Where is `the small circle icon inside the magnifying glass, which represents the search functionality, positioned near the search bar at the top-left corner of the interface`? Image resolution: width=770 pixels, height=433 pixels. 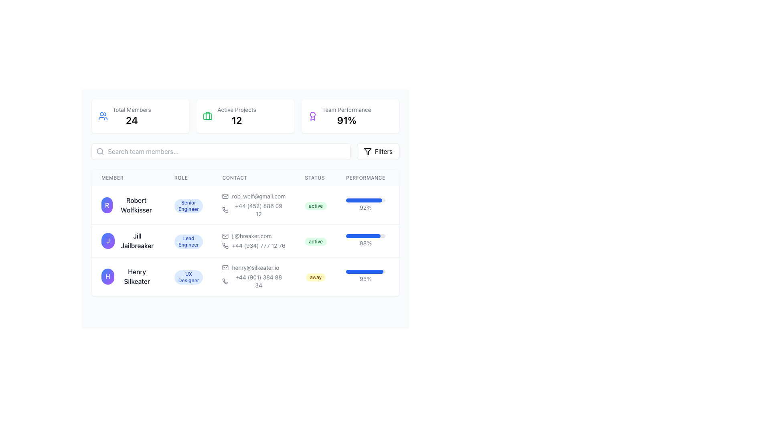
the small circle icon inside the magnifying glass, which represents the search functionality, positioned near the search bar at the top-left corner of the interface is located at coordinates (99, 151).